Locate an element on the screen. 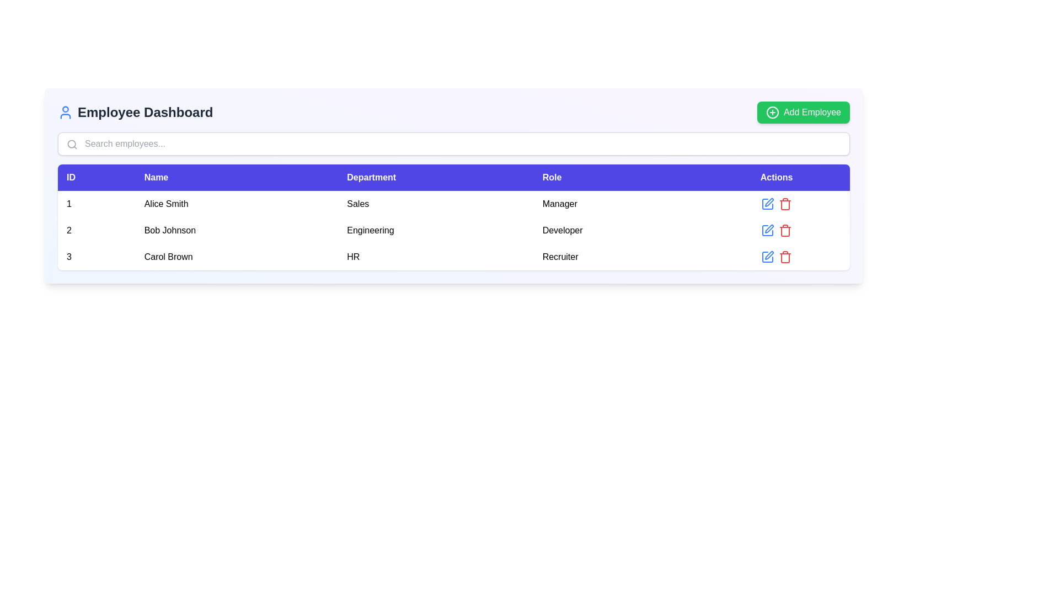  the button located at the top-right corner of the interface, adjacent to the 'Employee Dashboard' header is located at coordinates (803, 113).